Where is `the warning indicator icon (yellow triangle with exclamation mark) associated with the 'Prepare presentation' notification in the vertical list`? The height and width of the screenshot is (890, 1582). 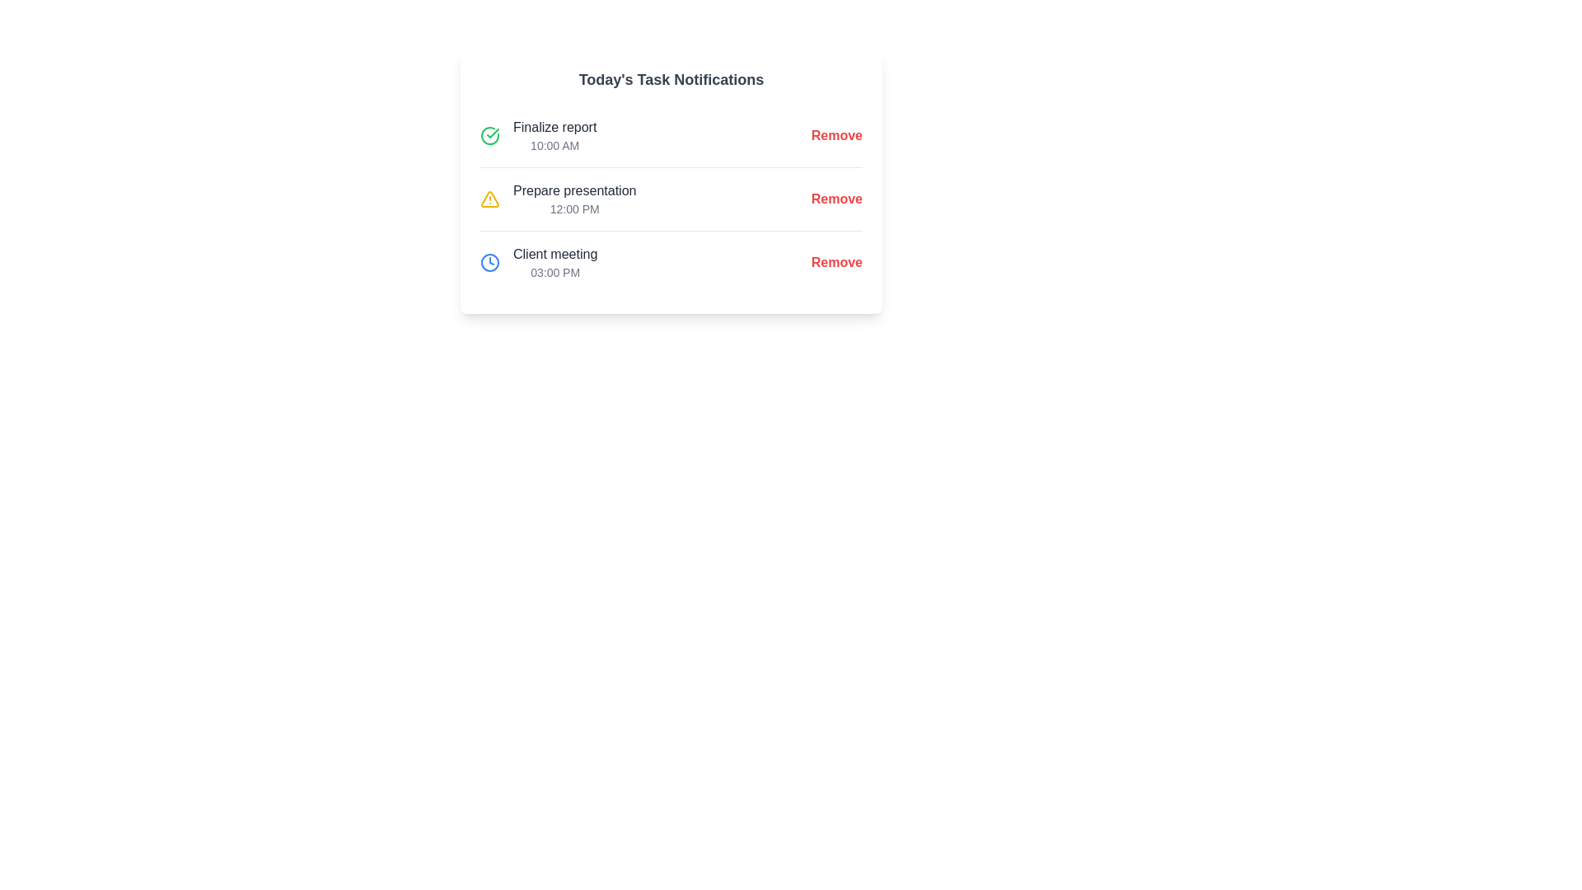
the warning indicator icon (yellow triangle with exclamation mark) associated with the 'Prepare presentation' notification in the vertical list is located at coordinates (489, 199).